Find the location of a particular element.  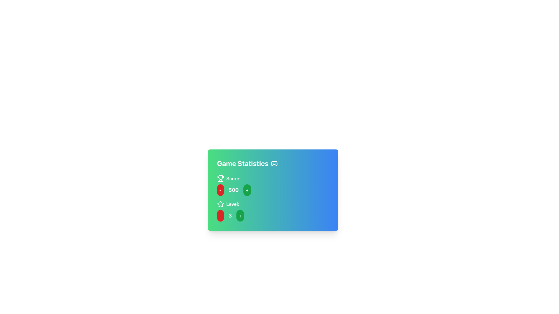

the 'Score:' text label that indicates the user's current or achieved score in the game, located in the upper-middle section of the context panel is located at coordinates (233, 178).